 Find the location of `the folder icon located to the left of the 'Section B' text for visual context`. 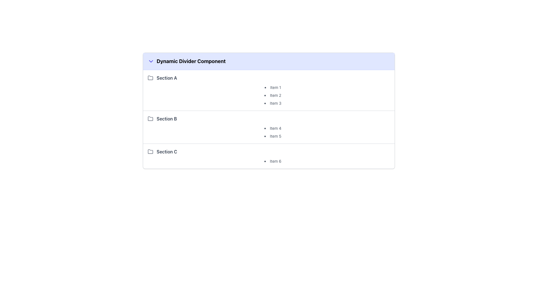

the folder icon located to the left of the 'Section B' text for visual context is located at coordinates (150, 118).